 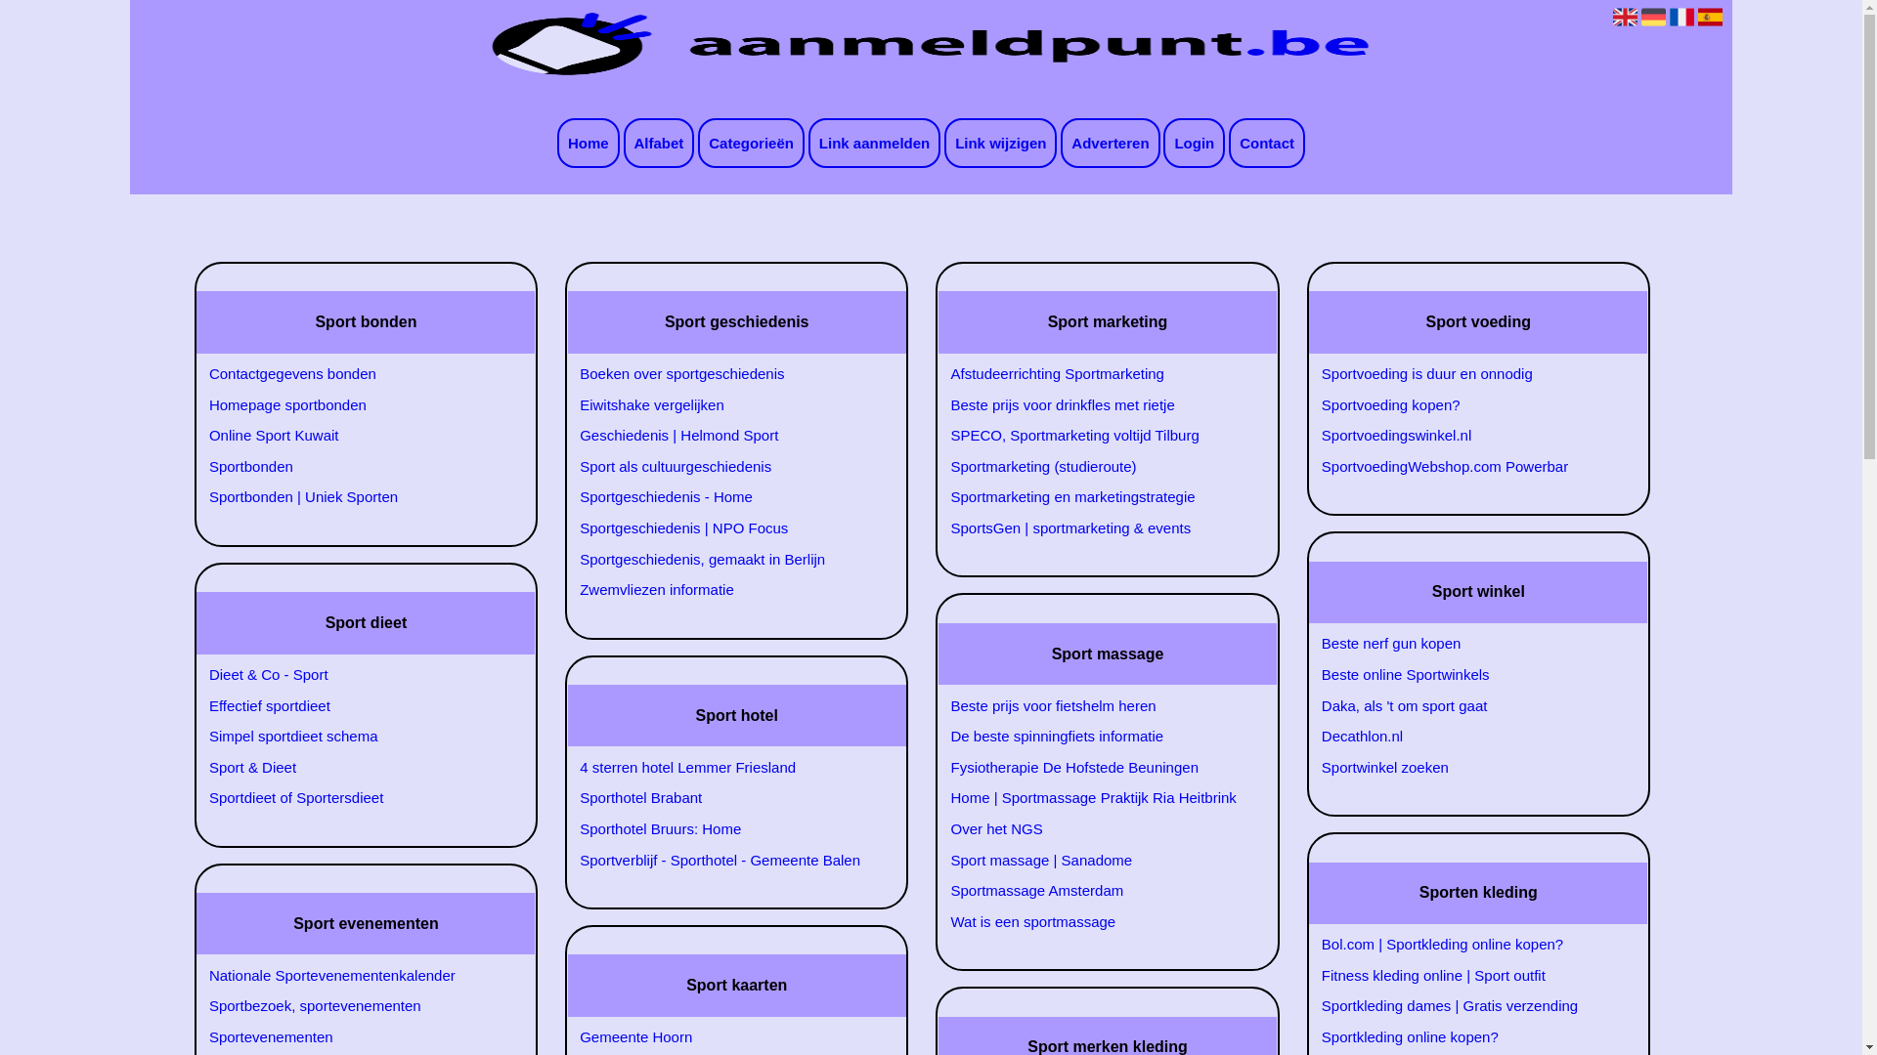 I want to click on 'Sport massage | Sanadome', so click(x=1096, y=859).